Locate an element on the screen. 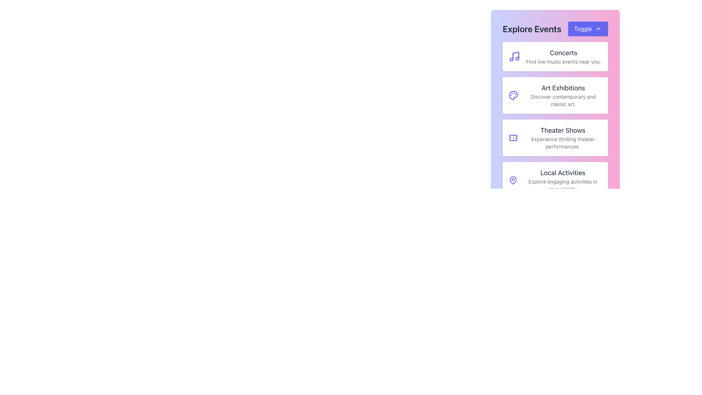 The image size is (702, 395). header text for the 'Theater Shows' section, which is located in the upper portion of the third card under 'Explore Events' is located at coordinates (562, 130).